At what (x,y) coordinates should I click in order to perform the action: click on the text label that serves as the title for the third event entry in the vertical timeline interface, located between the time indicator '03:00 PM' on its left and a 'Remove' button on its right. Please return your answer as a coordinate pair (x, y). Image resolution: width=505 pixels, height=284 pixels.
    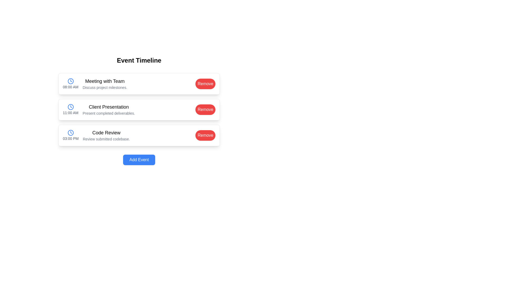
    Looking at the image, I should click on (106, 133).